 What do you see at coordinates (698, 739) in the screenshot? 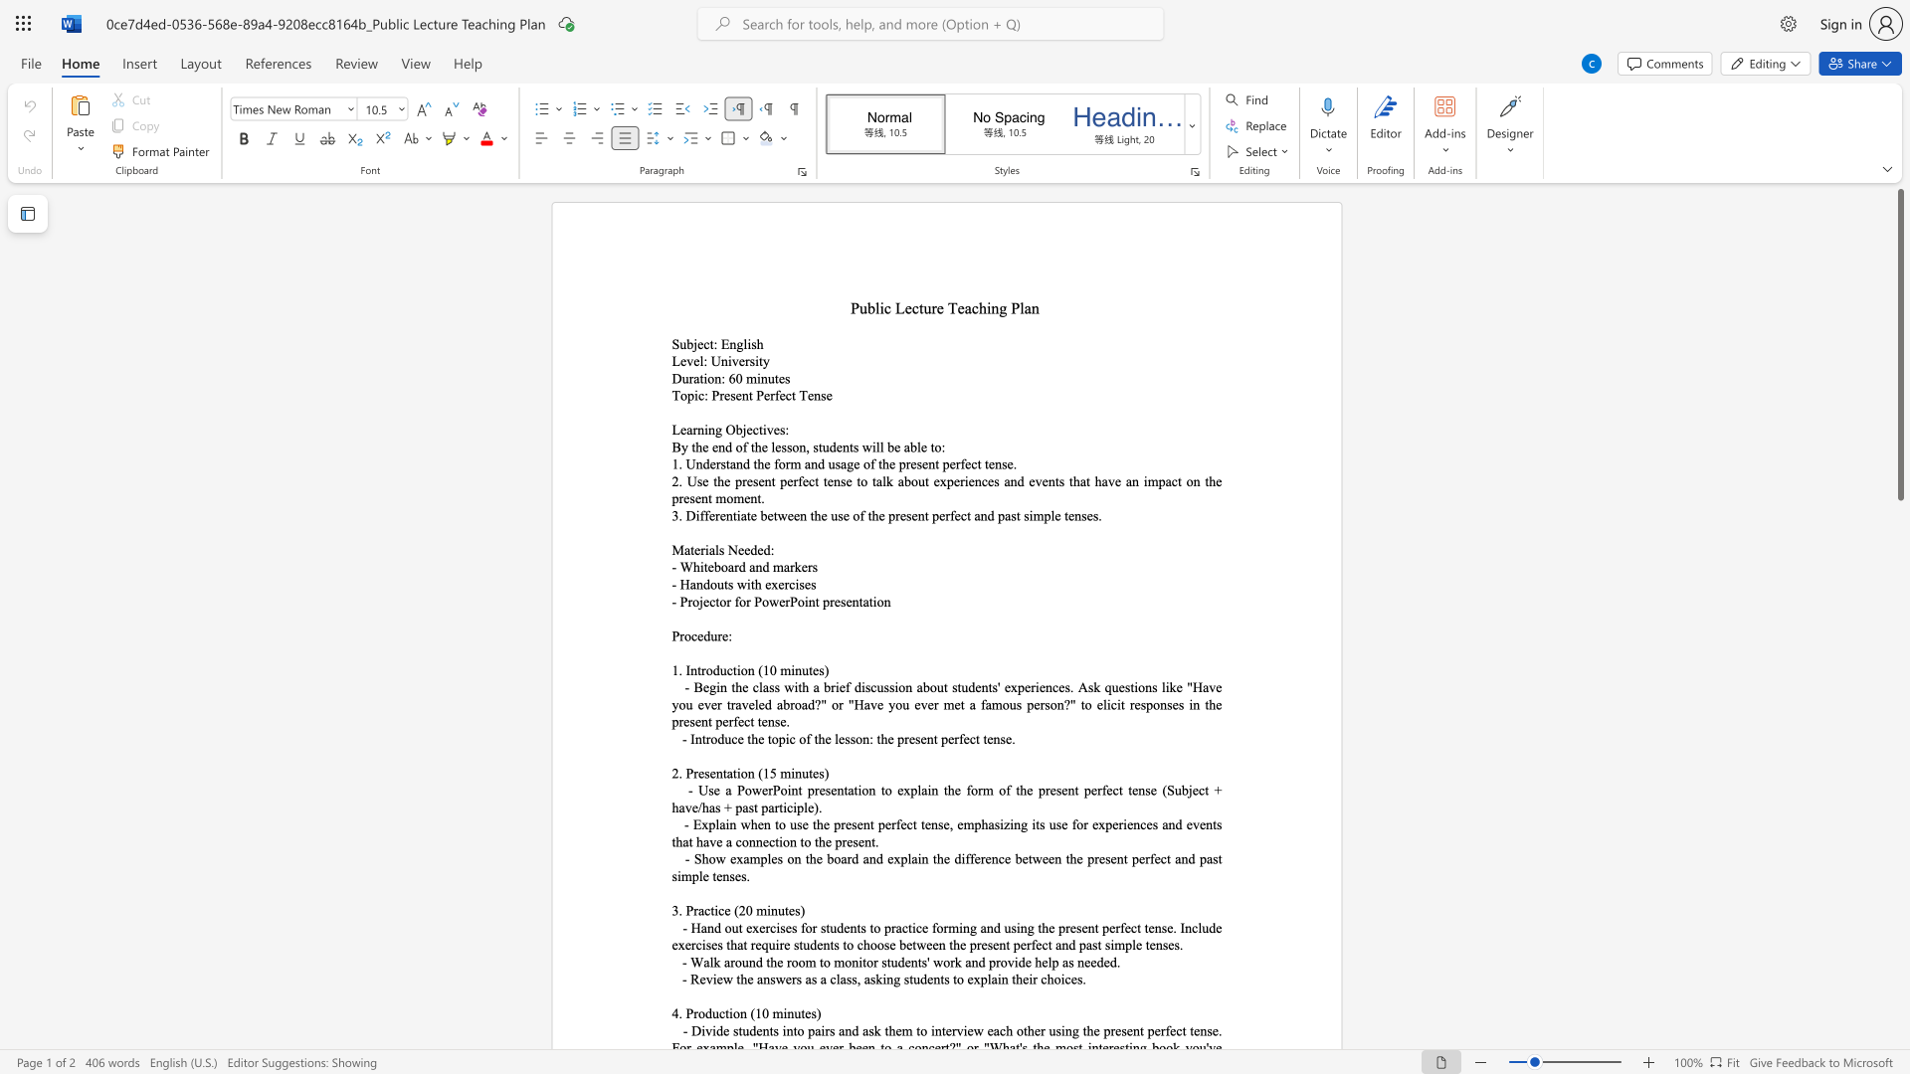
I see `the 1th character "n" in the text` at bounding box center [698, 739].